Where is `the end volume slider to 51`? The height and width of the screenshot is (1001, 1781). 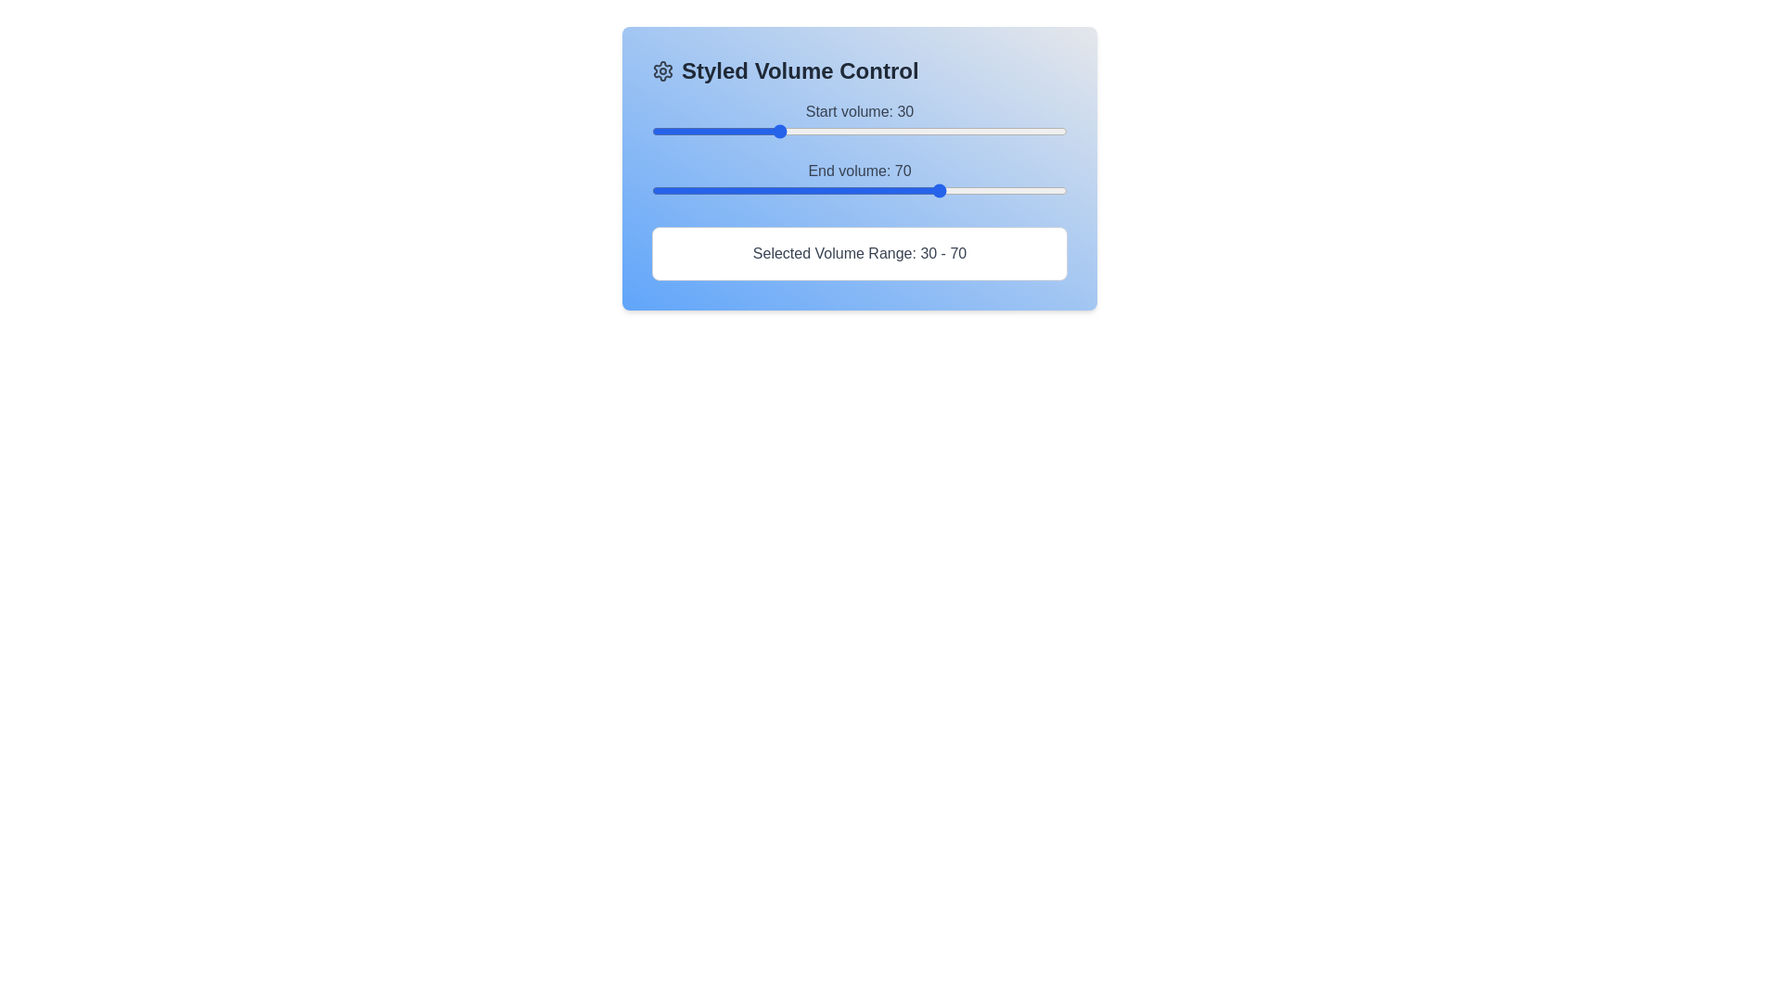
the end volume slider to 51 is located at coordinates (863, 190).